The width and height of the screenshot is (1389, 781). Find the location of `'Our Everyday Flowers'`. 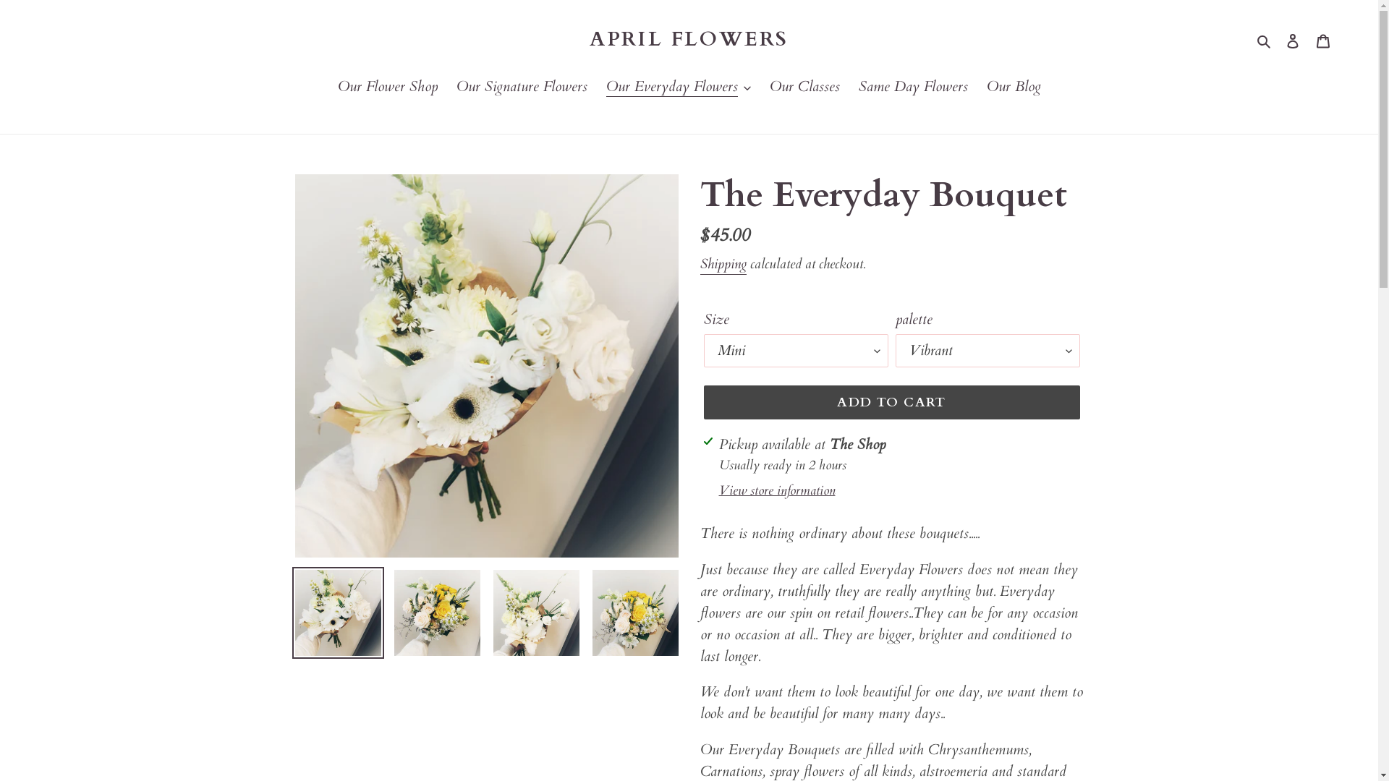

'Our Everyday Flowers' is located at coordinates (677, 88).